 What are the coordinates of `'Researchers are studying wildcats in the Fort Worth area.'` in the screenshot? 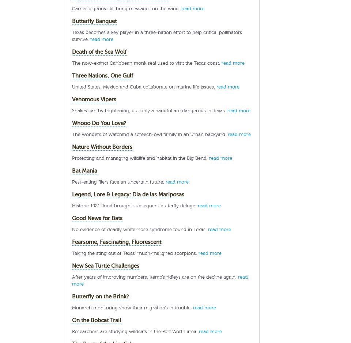 It's located at (135, 331).